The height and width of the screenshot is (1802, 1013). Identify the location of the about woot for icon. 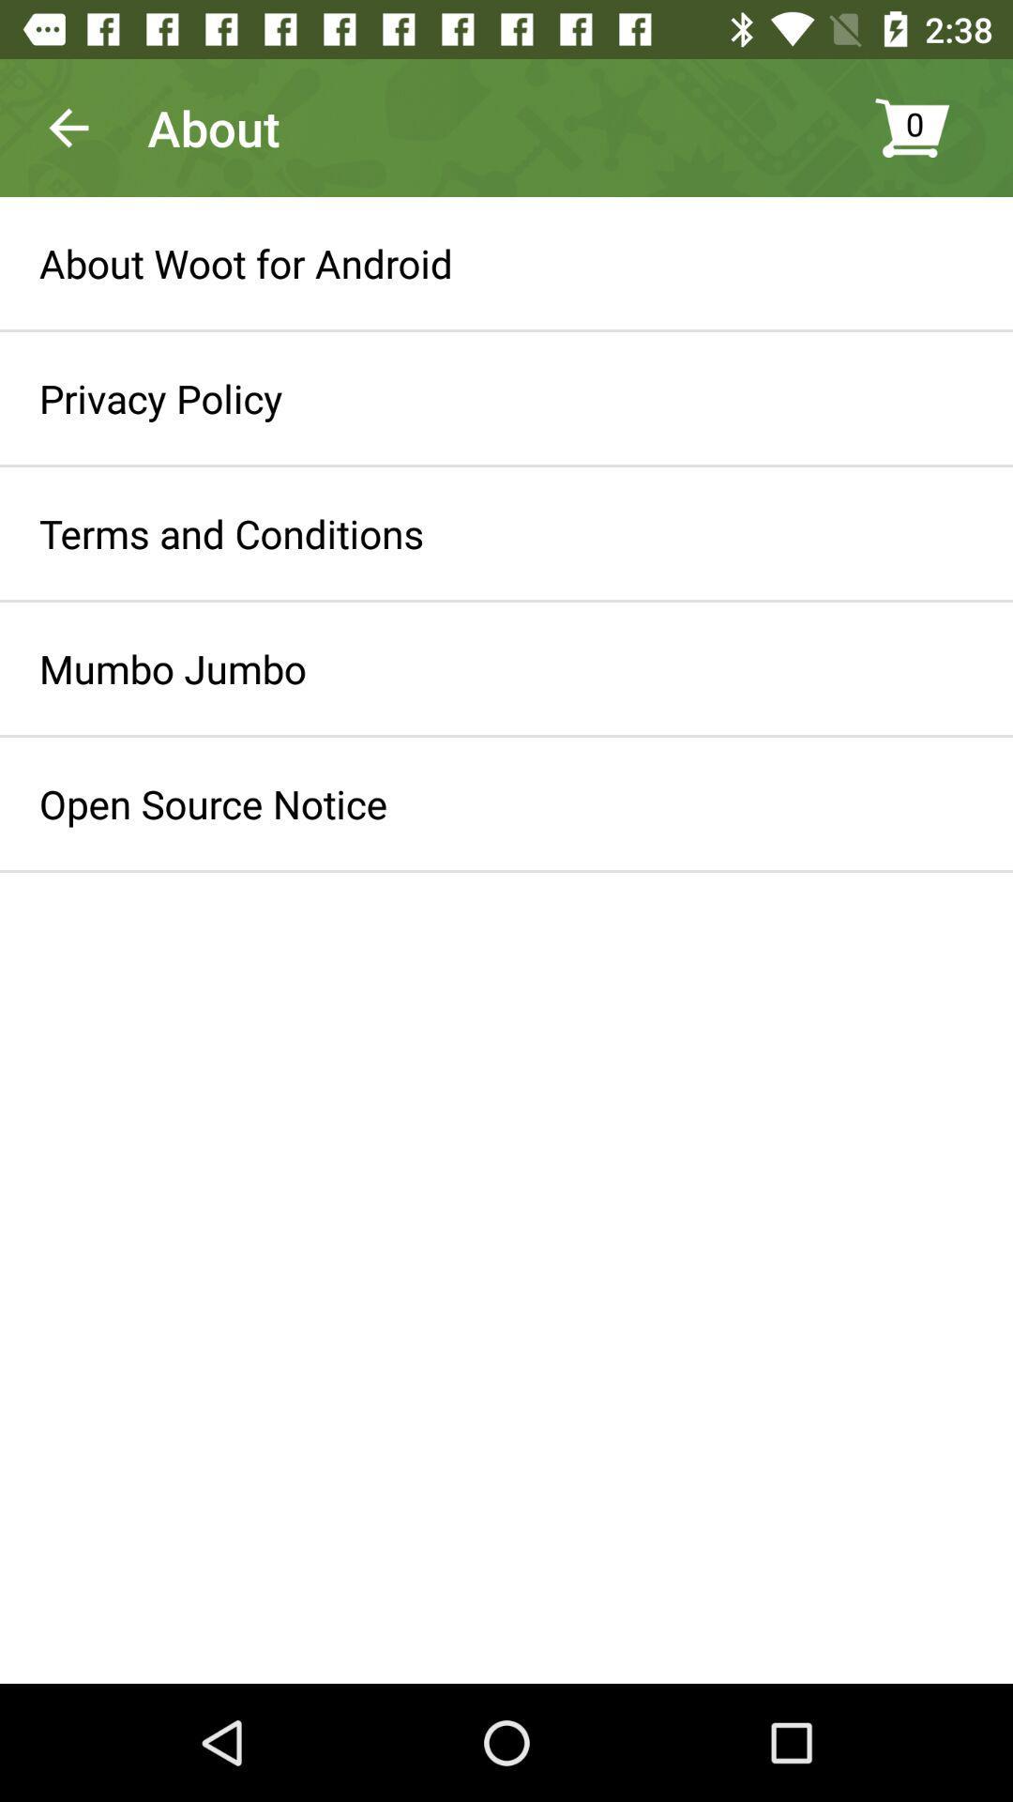
(245, 262).